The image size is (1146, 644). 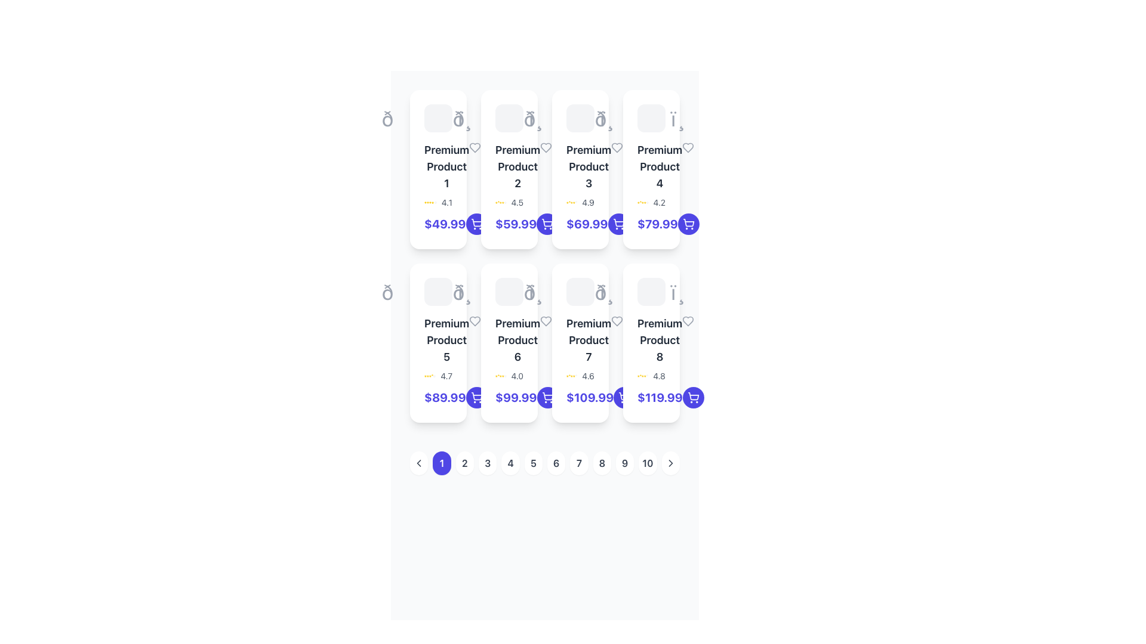 What do you see at coordinates (476, 398) in the screenshot?
I see `the shopping cart icon located in the clickable blue circular button at the bottom right corner of the 'Premium Product 6' card` at bounding box center [476, 398].